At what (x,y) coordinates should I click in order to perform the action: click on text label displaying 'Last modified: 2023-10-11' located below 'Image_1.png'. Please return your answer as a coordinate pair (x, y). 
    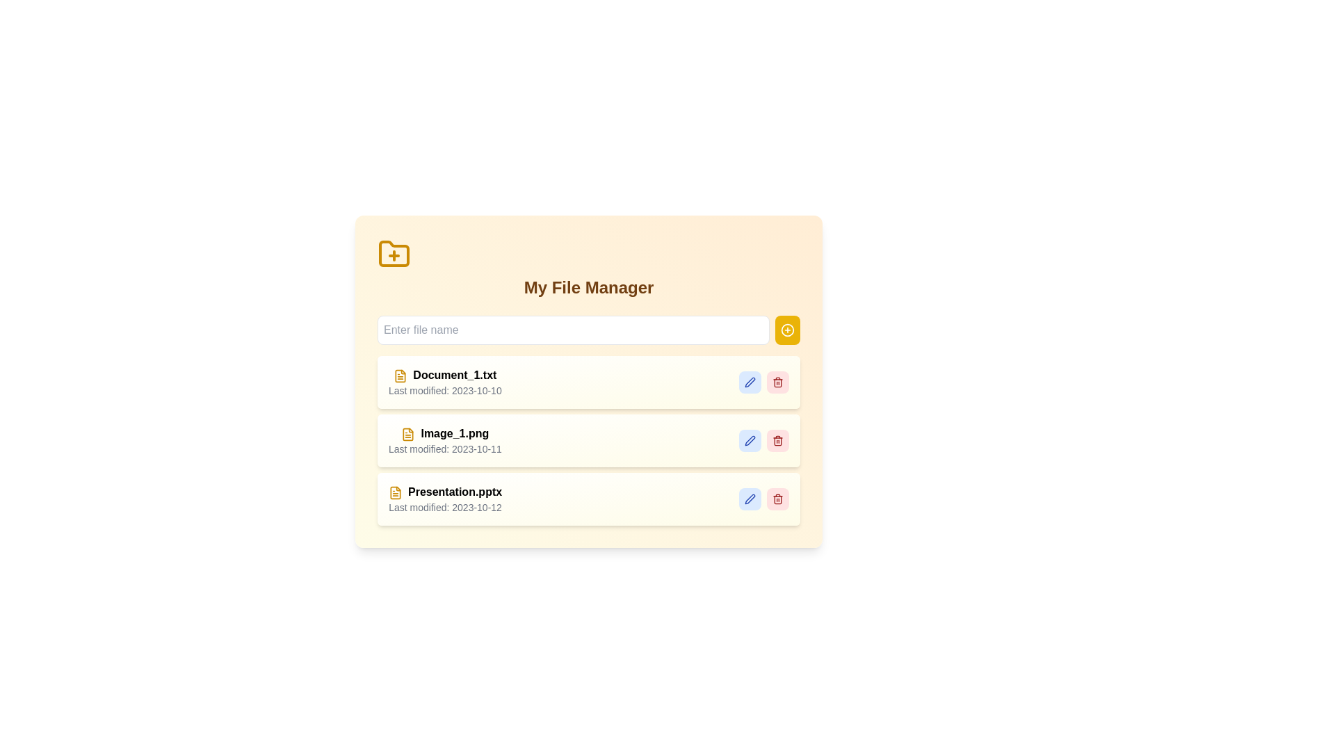
    Looking at the image, I should click on (445, 449).